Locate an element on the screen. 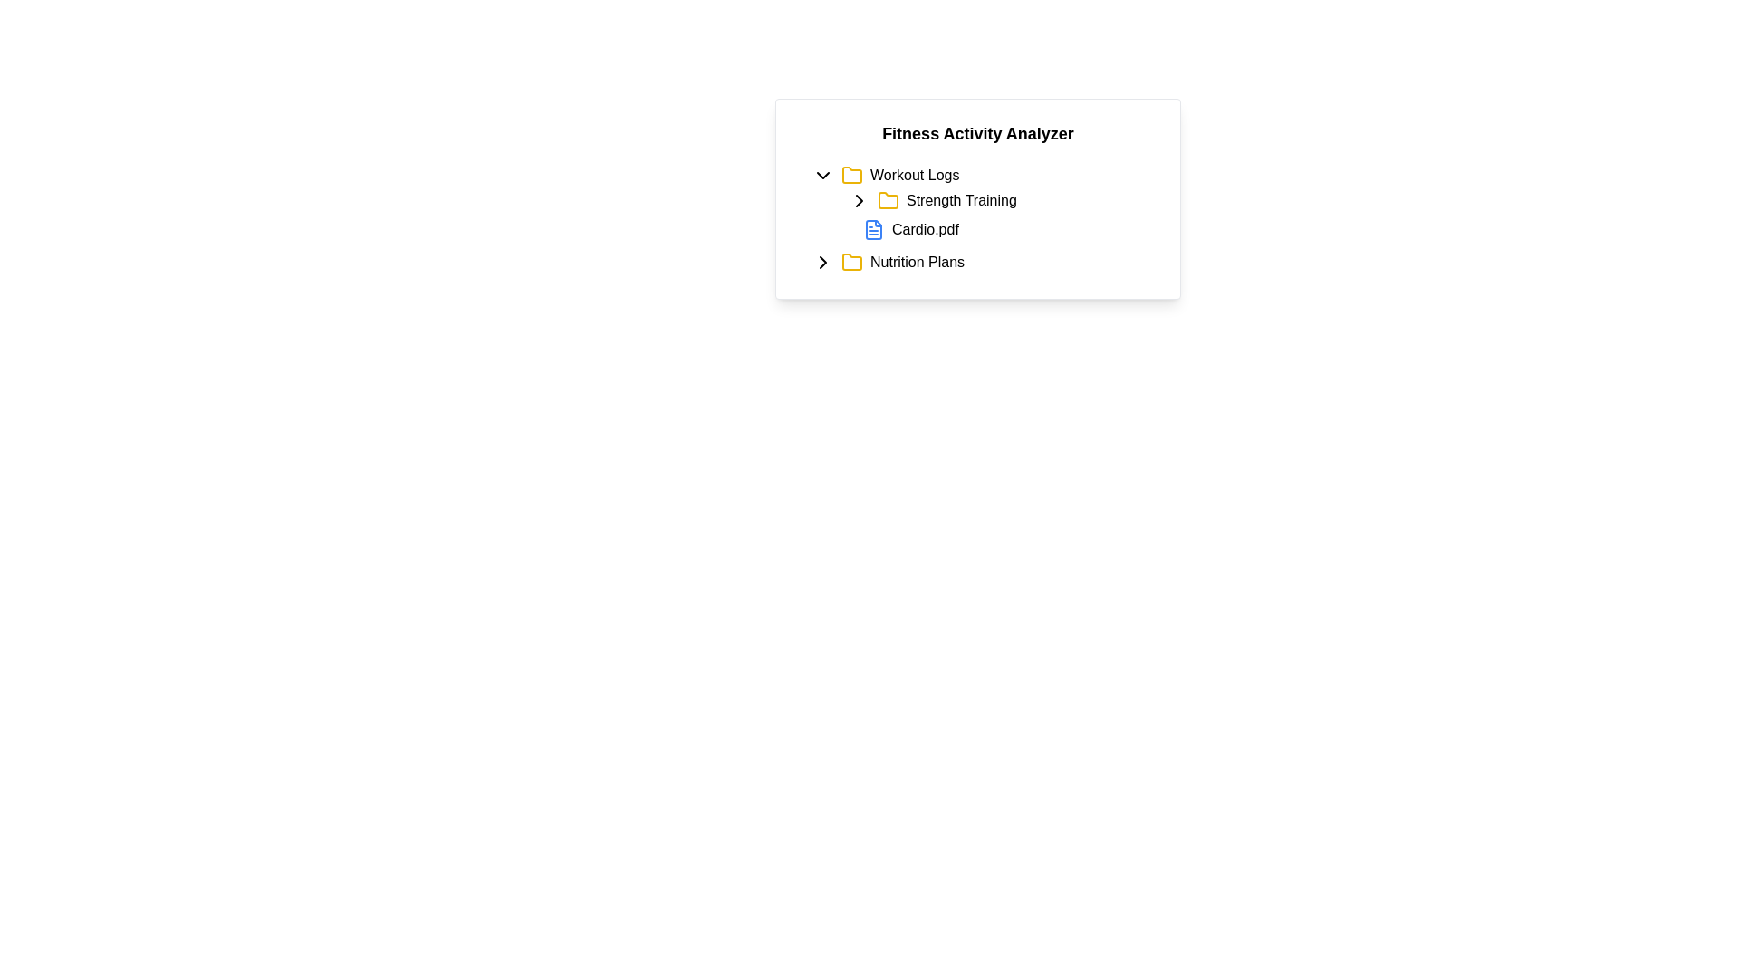 The width and height of the screenshot is (1739, 978). the chevron icon located to the right of the 'Workout Logs' label in the hierarchical navigation menu to expand the category is located at coordinates (821, 262).